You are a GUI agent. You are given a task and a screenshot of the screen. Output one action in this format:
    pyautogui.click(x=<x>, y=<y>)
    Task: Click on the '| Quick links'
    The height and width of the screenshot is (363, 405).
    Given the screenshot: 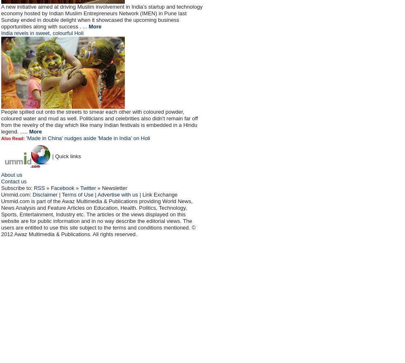 What is the action you would take?
    pyautogui.click(x=66, y=156)
    